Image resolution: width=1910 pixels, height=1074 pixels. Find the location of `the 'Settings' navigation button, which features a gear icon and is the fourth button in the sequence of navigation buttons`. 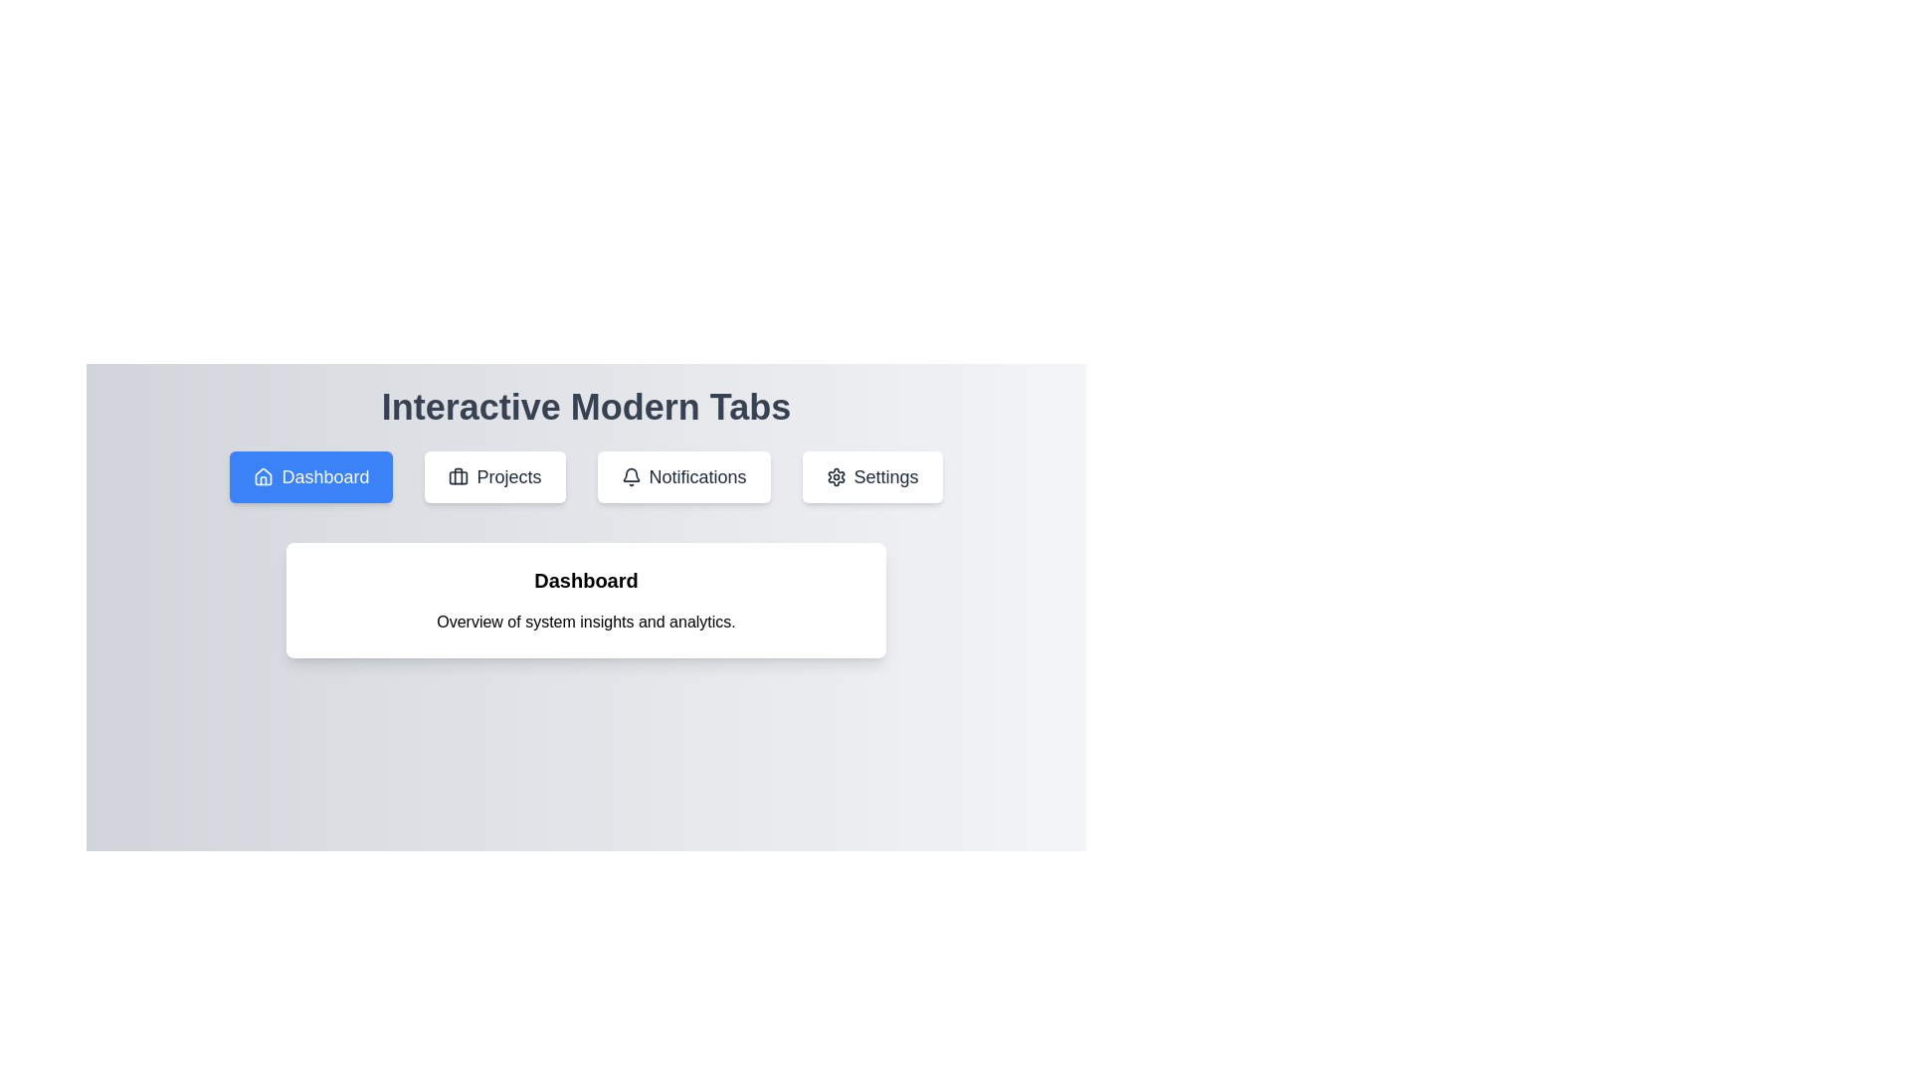

the 'Settings' navigation button, which features a gear icon and is the fourth button in the sequence of navigation buttons is located at coordinates (872, 476).